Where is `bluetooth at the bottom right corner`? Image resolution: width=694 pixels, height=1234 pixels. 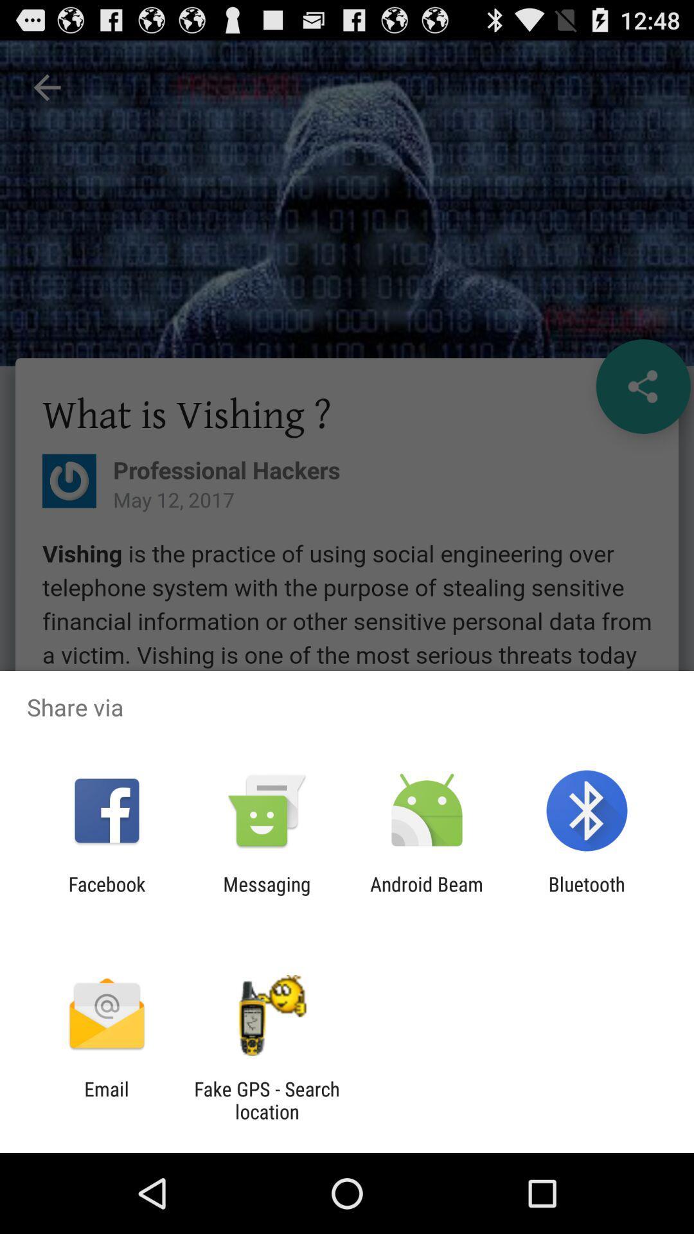 bluetooth at the bottom right corner is located at coordinates (587, 895).